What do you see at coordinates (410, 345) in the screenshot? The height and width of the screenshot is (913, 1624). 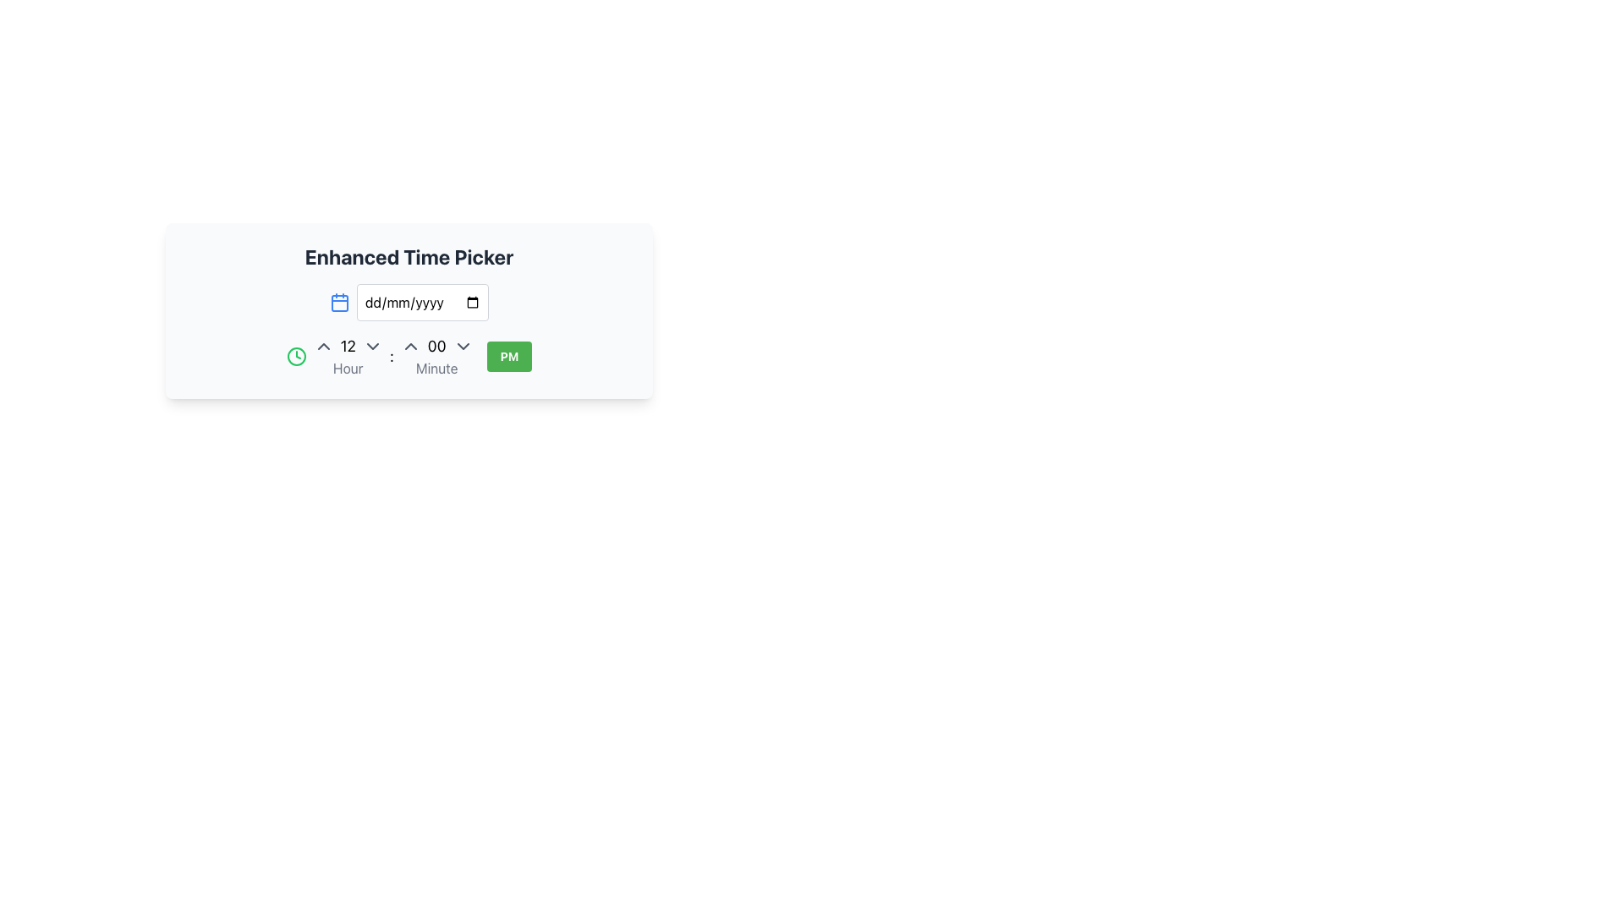 I see `the upward-pointing chevron icon styled in dark gray, located immediately to the left of the minute value '00'` at bounding box center [410, 345].